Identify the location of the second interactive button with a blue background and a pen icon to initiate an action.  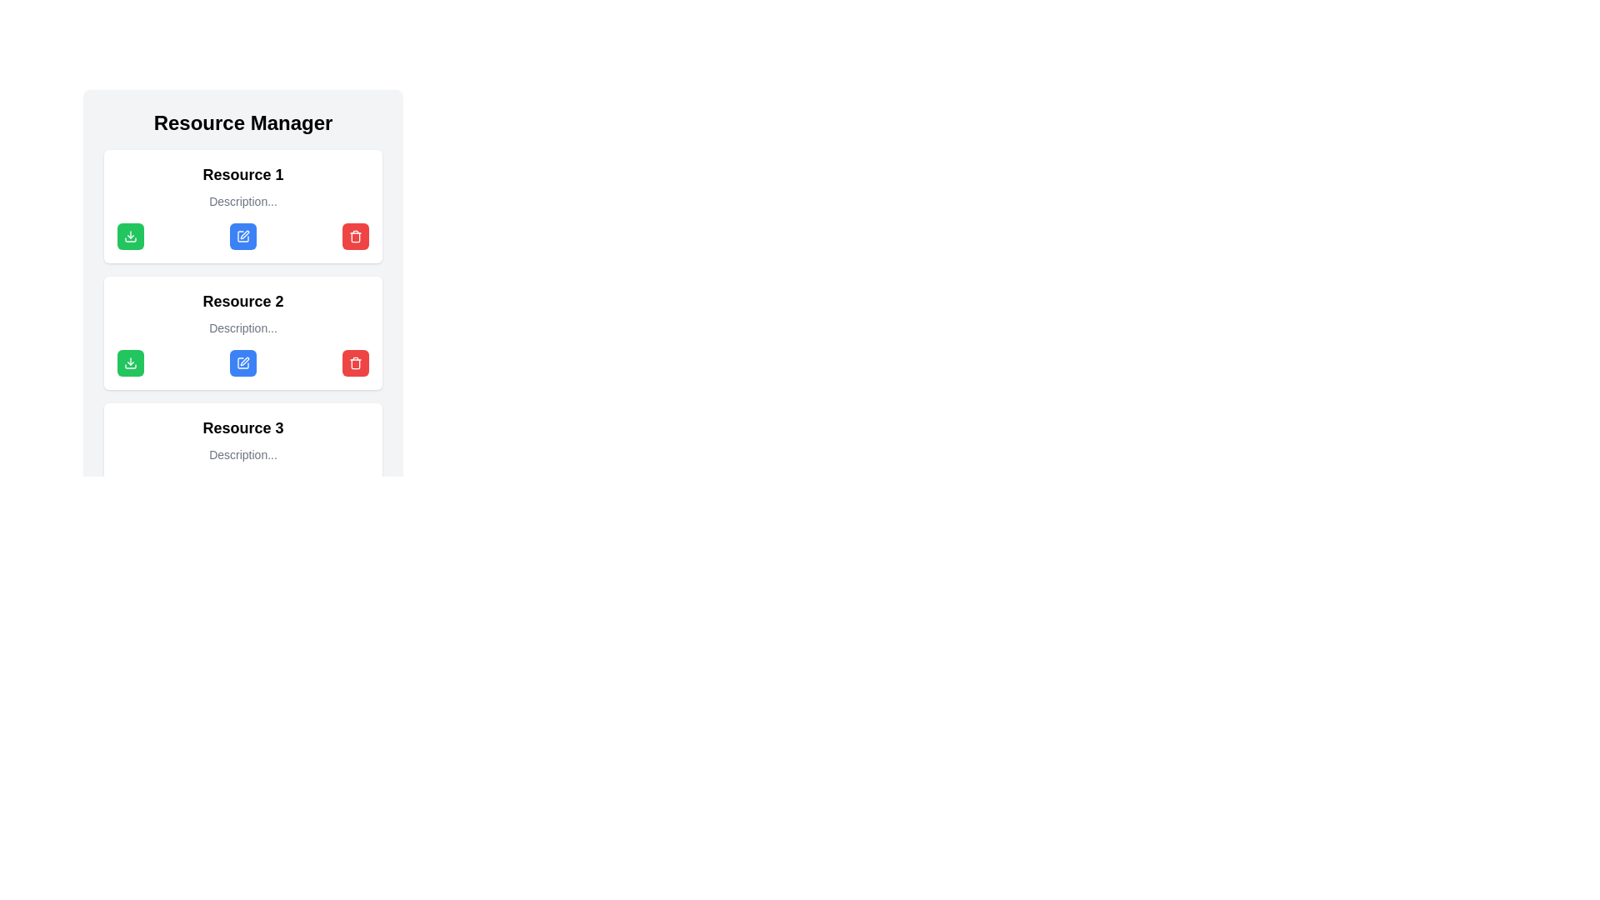
(242, 362).